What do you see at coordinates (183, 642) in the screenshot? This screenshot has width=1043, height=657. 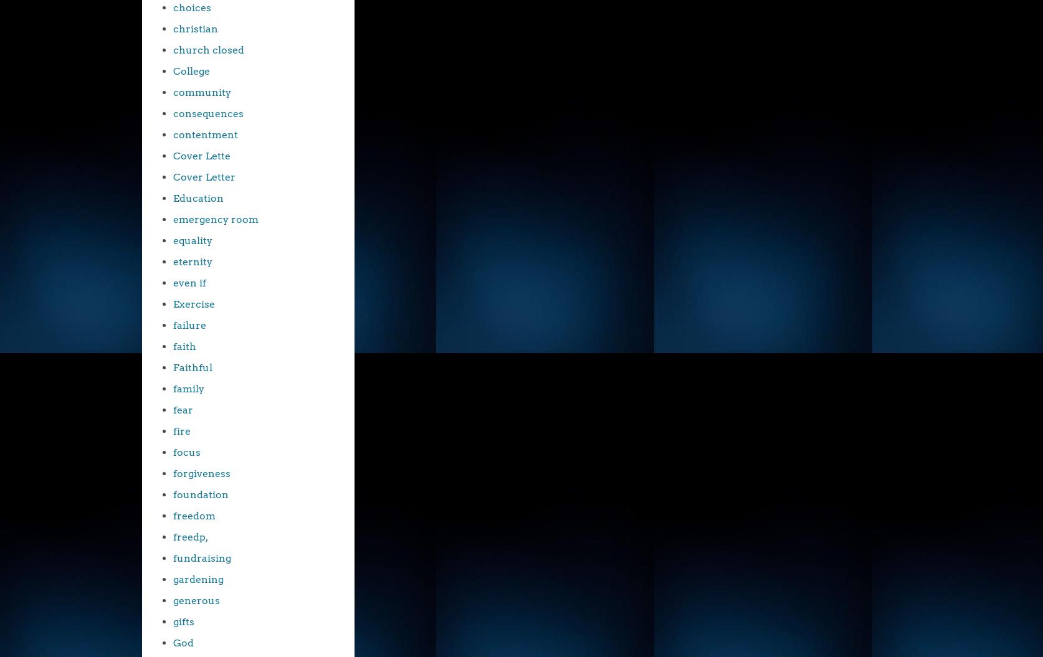 I see `'God'` at bounding box center [183, 642].